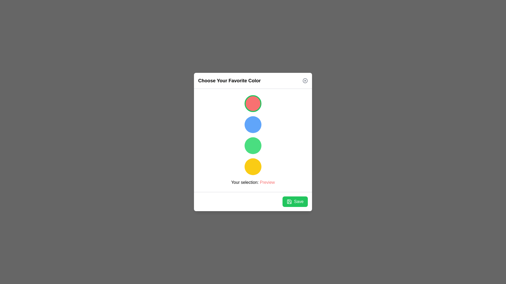 The height and width of the screenshot is (284, 506). I want to click on the close button to close the dialog, so click(305, 81).